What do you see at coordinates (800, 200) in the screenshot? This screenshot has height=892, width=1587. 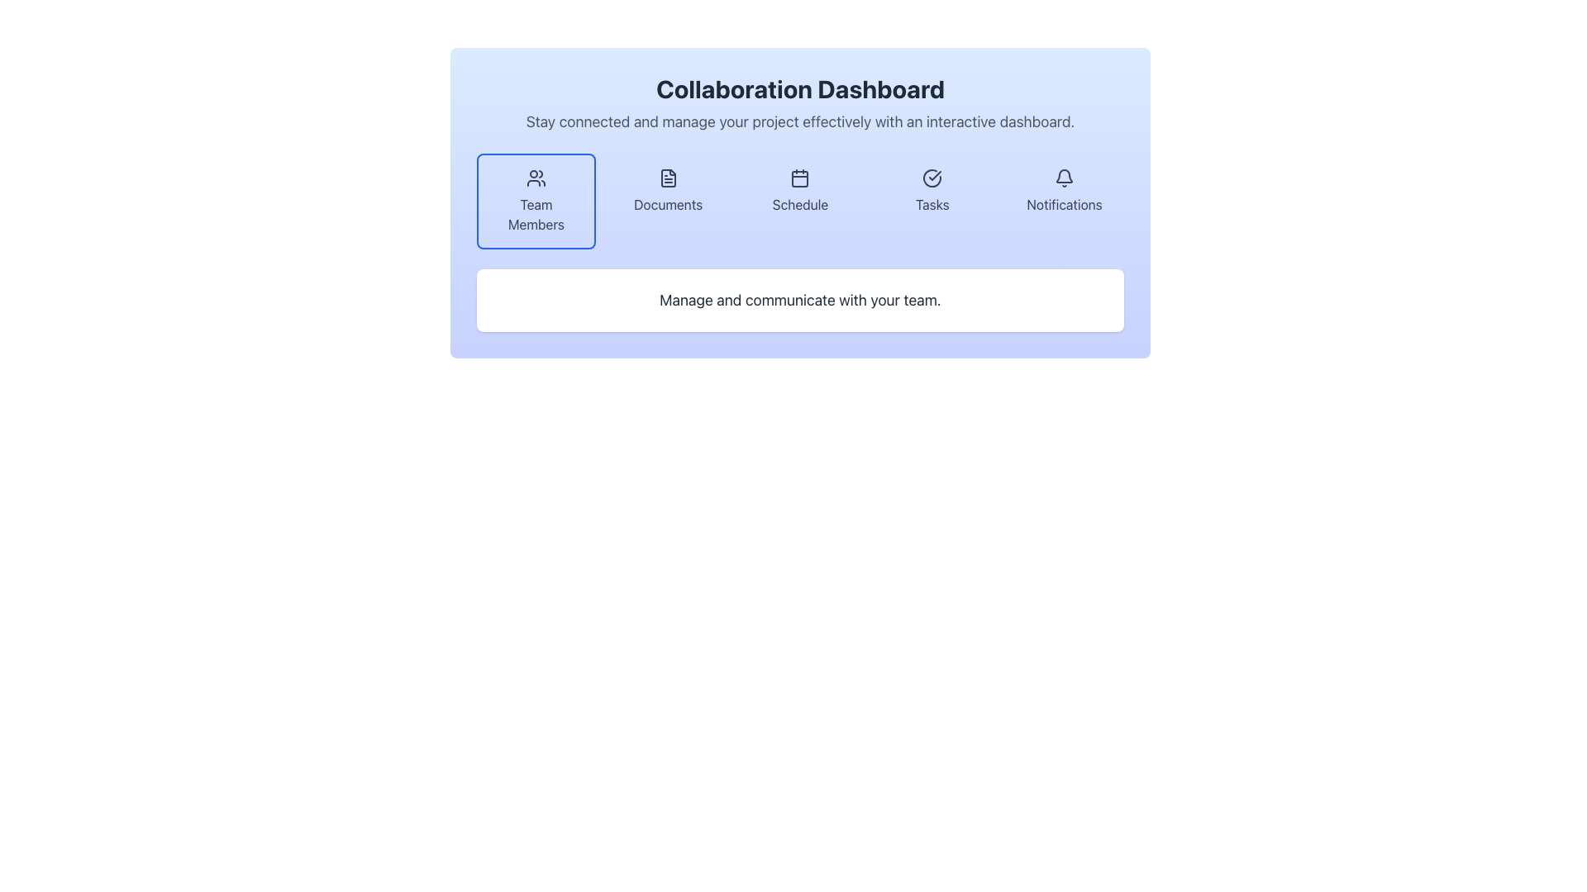 I see `the 'Schedule' button located in the central section of the dashboard` at bounding box center [800, 200].